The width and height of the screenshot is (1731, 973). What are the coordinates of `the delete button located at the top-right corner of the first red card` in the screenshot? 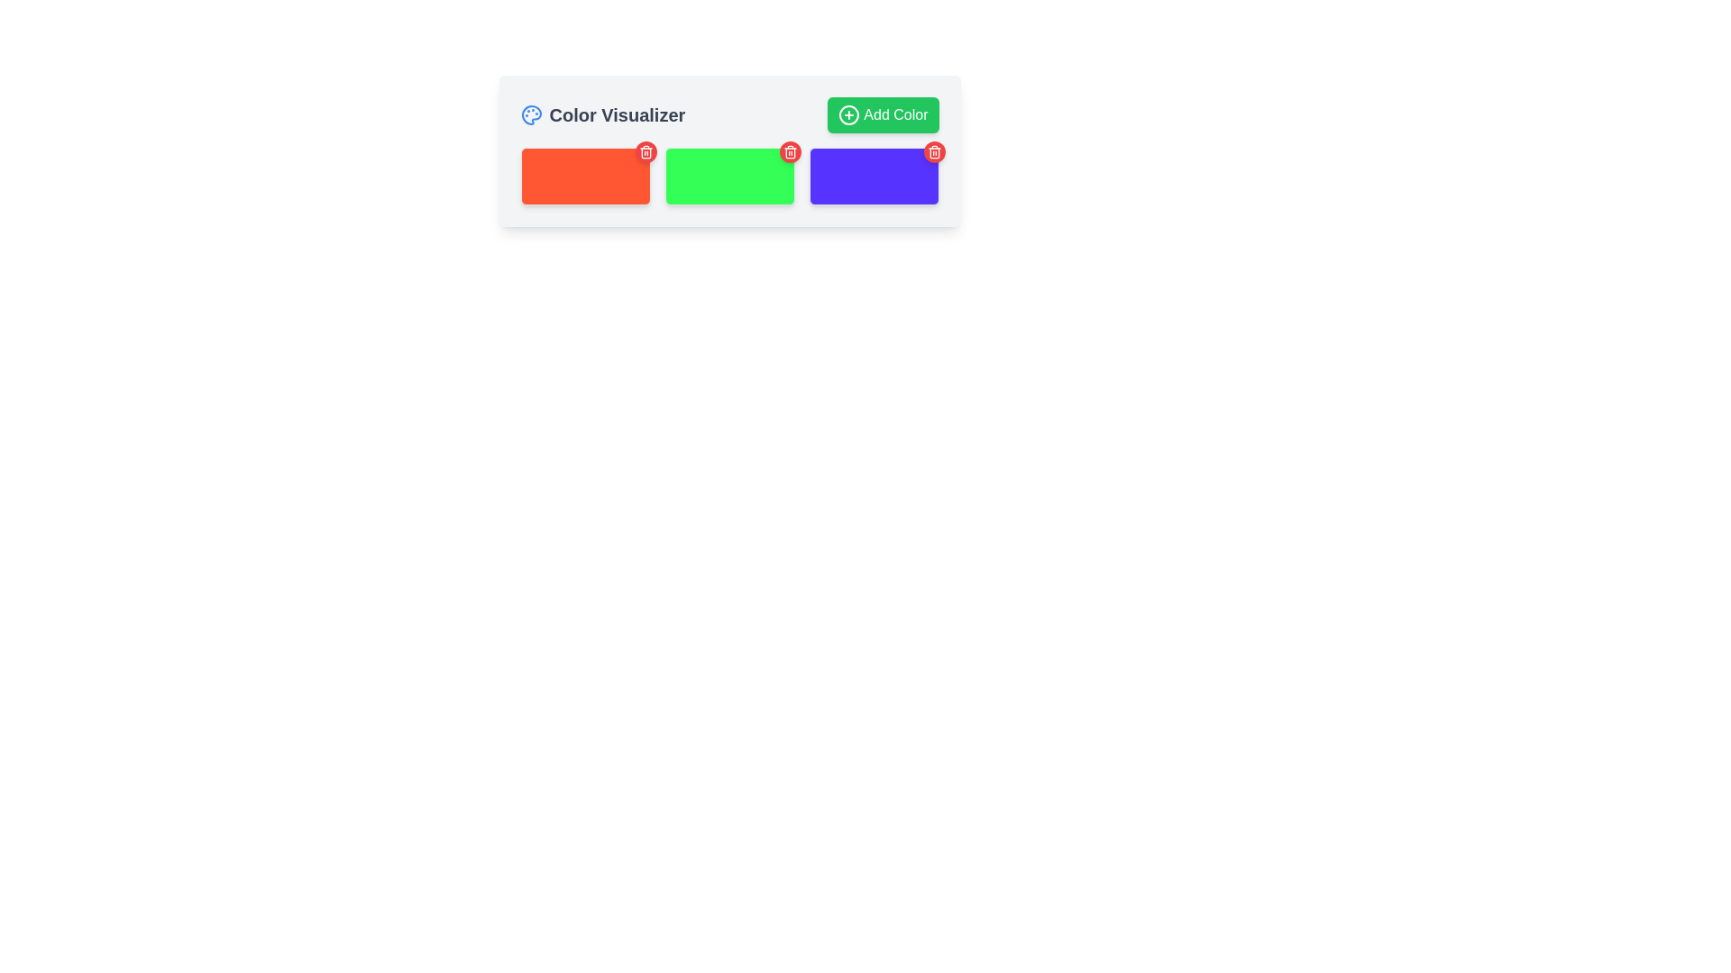 It's located at (646, 151).